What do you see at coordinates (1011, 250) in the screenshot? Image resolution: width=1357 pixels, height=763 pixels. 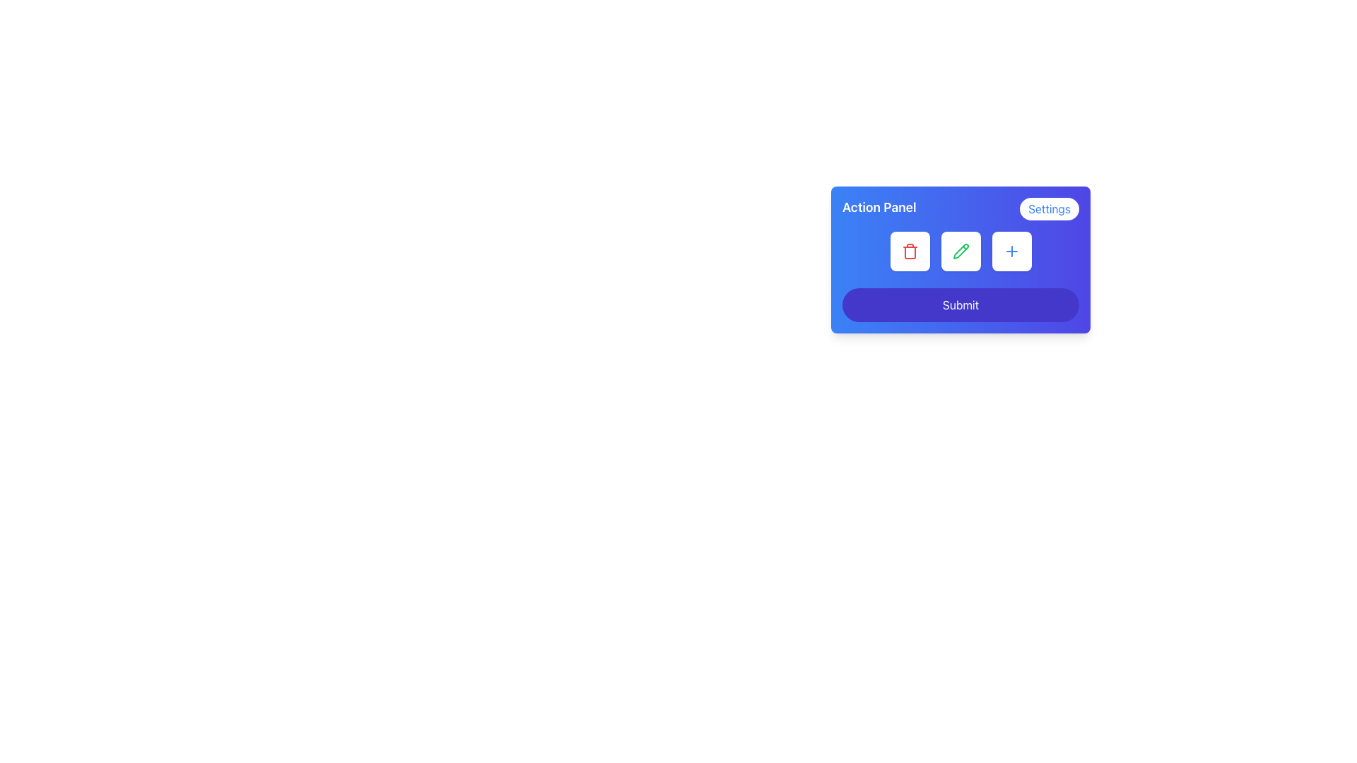 I see `the button that adds or creates new content, indicated by a plus icon, located centrally in the blue action panel and to the right of the green pencil icon` at bounding box center [1011, 250].